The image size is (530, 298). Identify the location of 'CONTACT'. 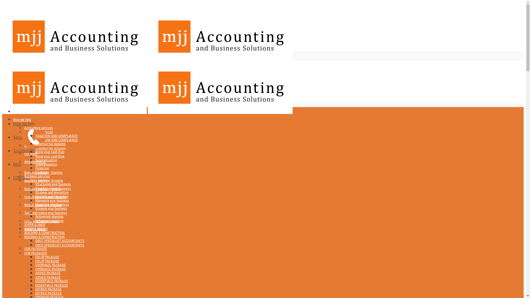
(13, 178).